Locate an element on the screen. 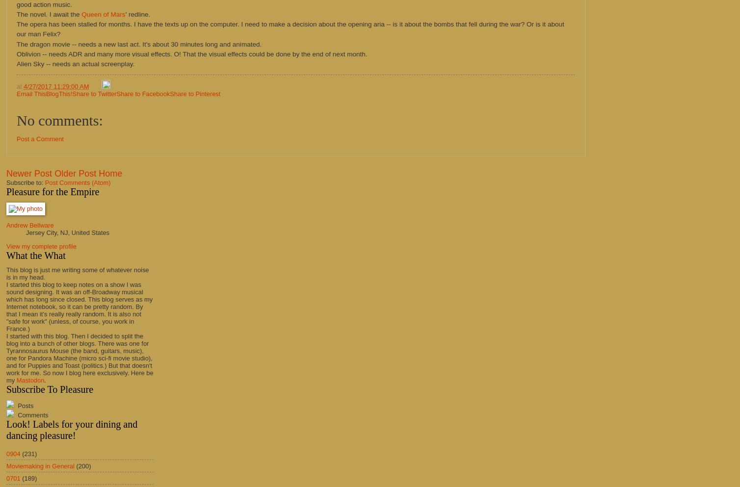 This screenshot has width=740, height=487. 'Comments' is located at coordinates (31, 414).